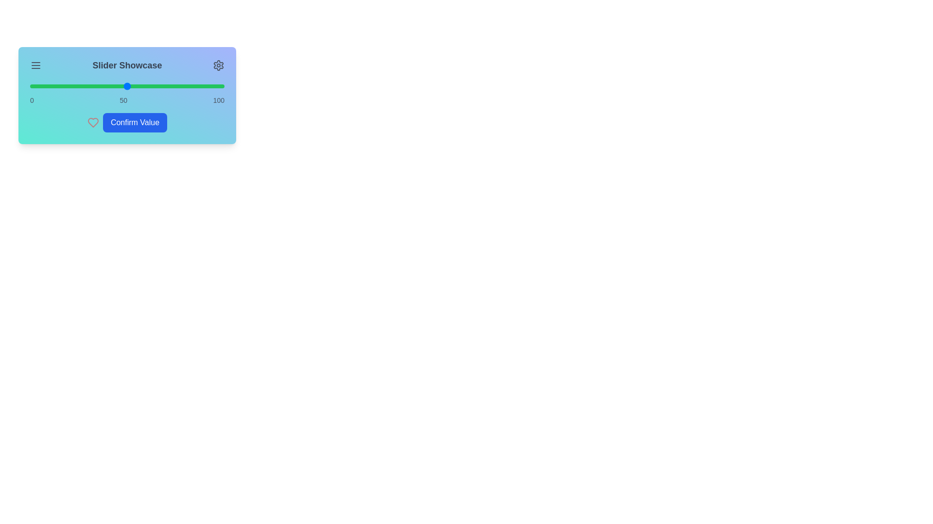  I want to click on the slider to 89%, so click(202, 85).